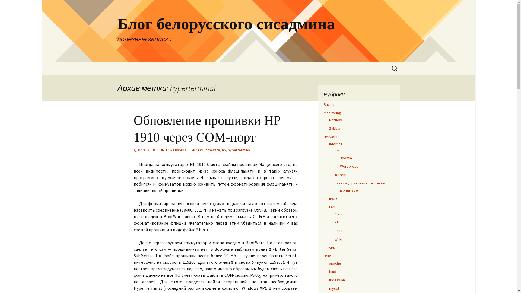  Describe the element at coordinates (328, 272) in the screenshot. I see `'bind'` at that location.